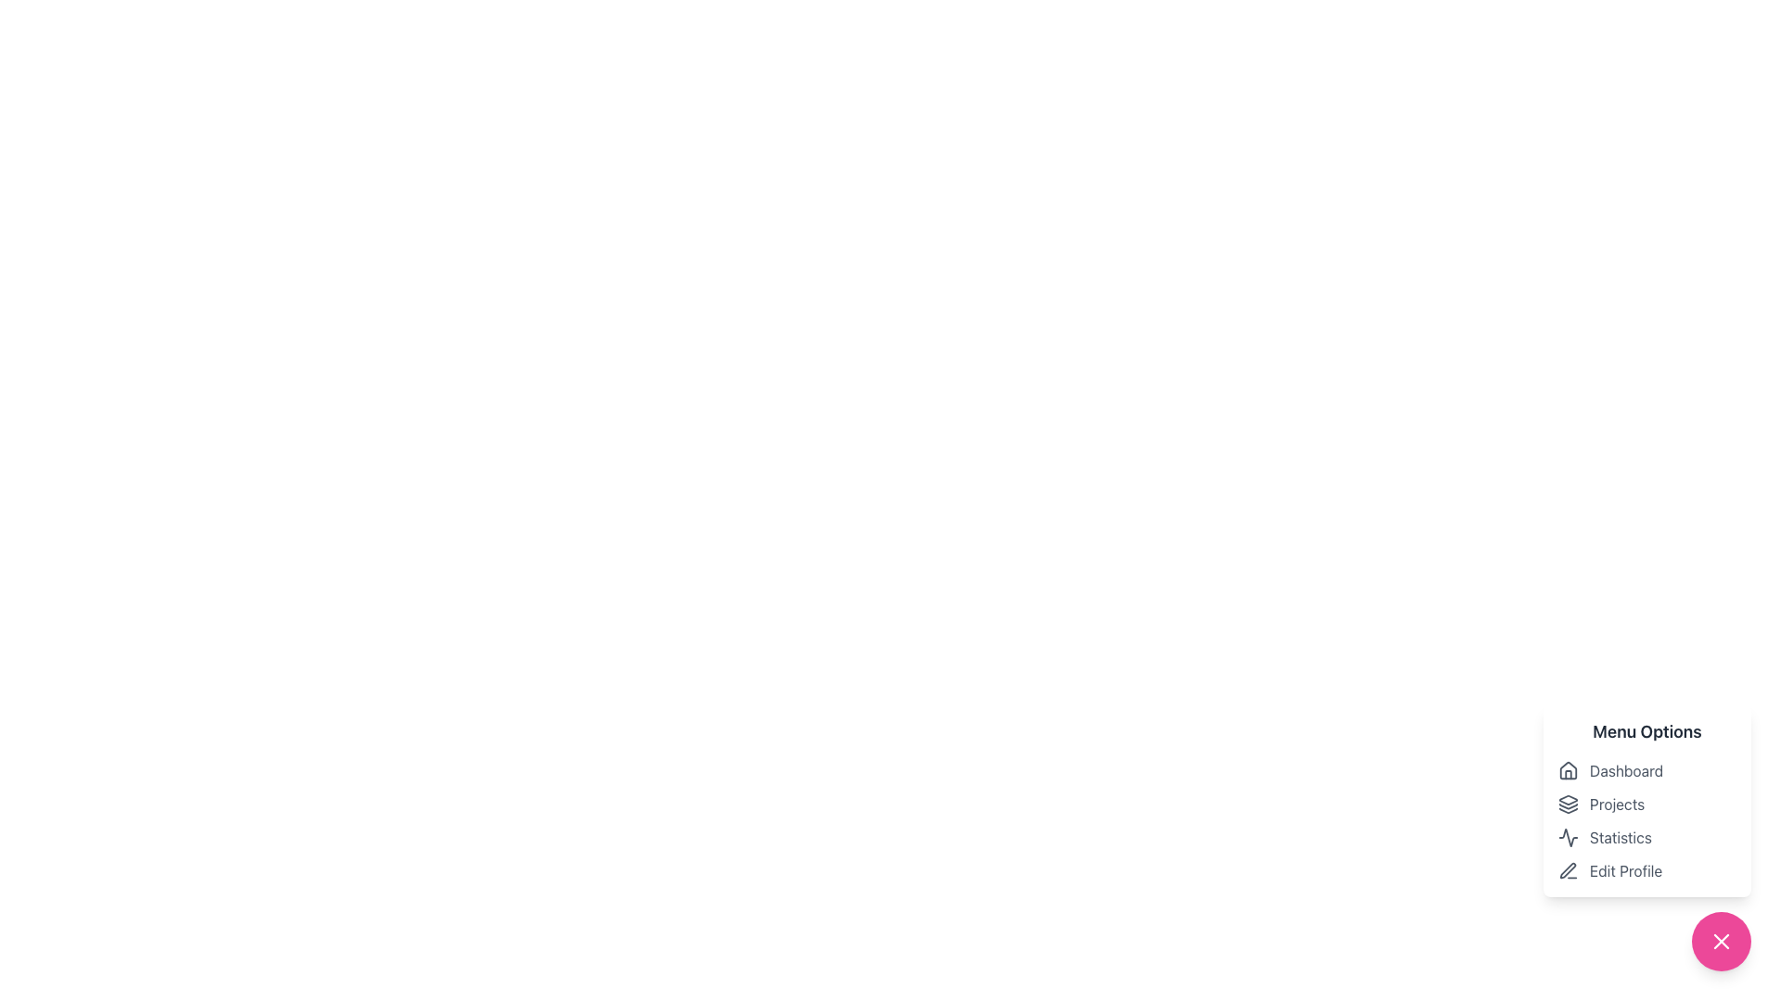 The image size is (1781, 1001). What do you see at coordinates (1567, 871) in the screenshot?
I see `the pen icon that is part of the 'Edit Profile' menu option, located on the right side of the interface, preceding the text label 'Edit Profile'` at bounding box center [1567, 871].